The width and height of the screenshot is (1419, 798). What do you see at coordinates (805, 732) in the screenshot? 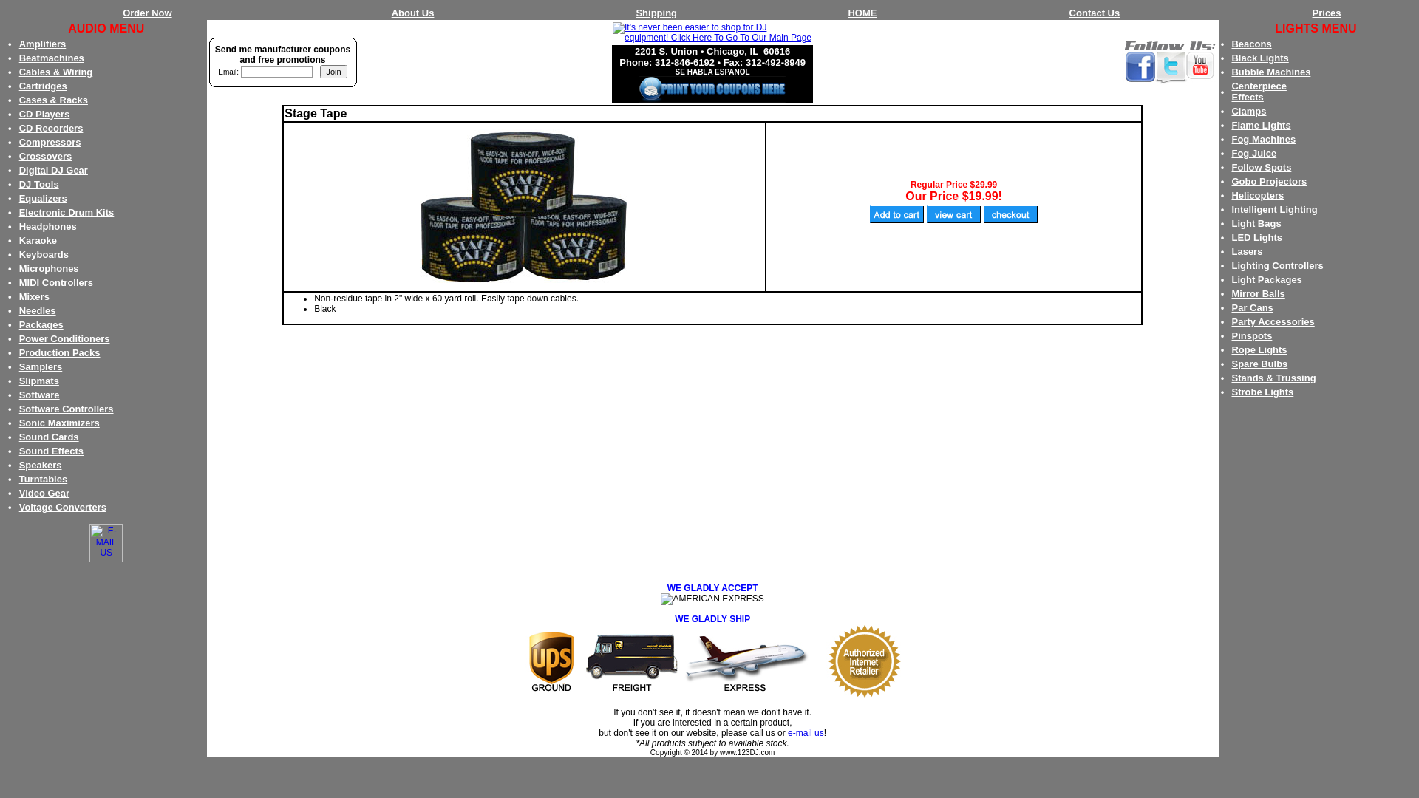
I see `'e-mail us'` at bounding box center [805, 732].